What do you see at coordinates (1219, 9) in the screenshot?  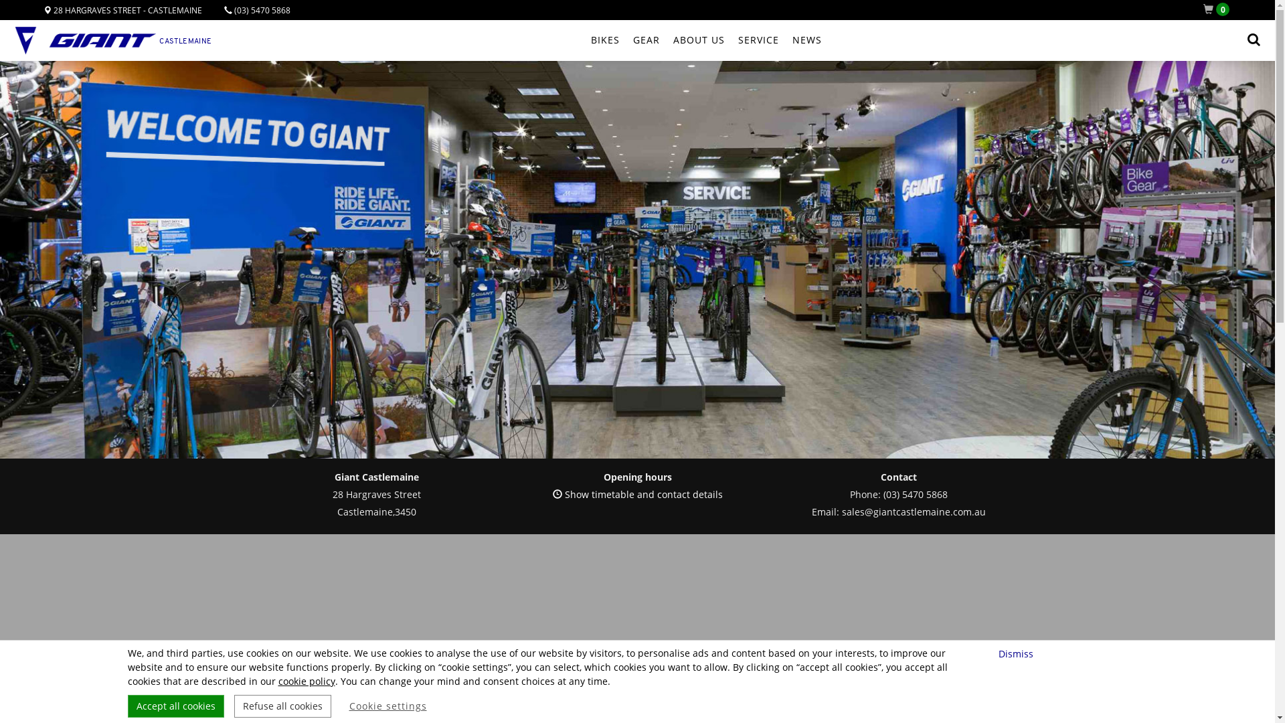 I see `'0 item(s) in cart` at bounding box center [1219, 9].